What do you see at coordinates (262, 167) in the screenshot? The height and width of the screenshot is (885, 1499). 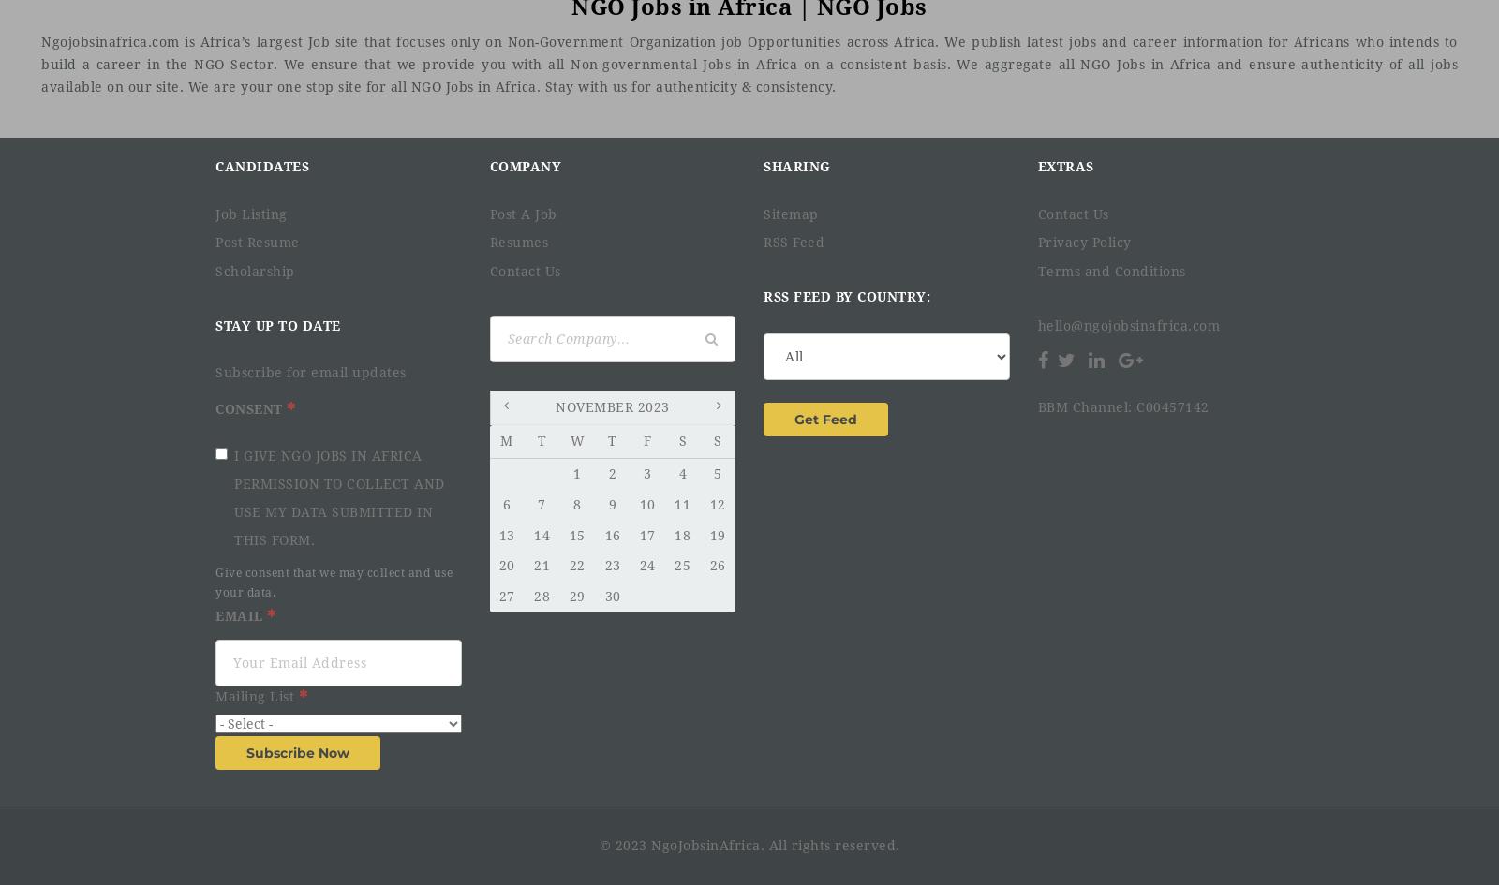 I see `'Candidates'` at bounding box center [262, 167].